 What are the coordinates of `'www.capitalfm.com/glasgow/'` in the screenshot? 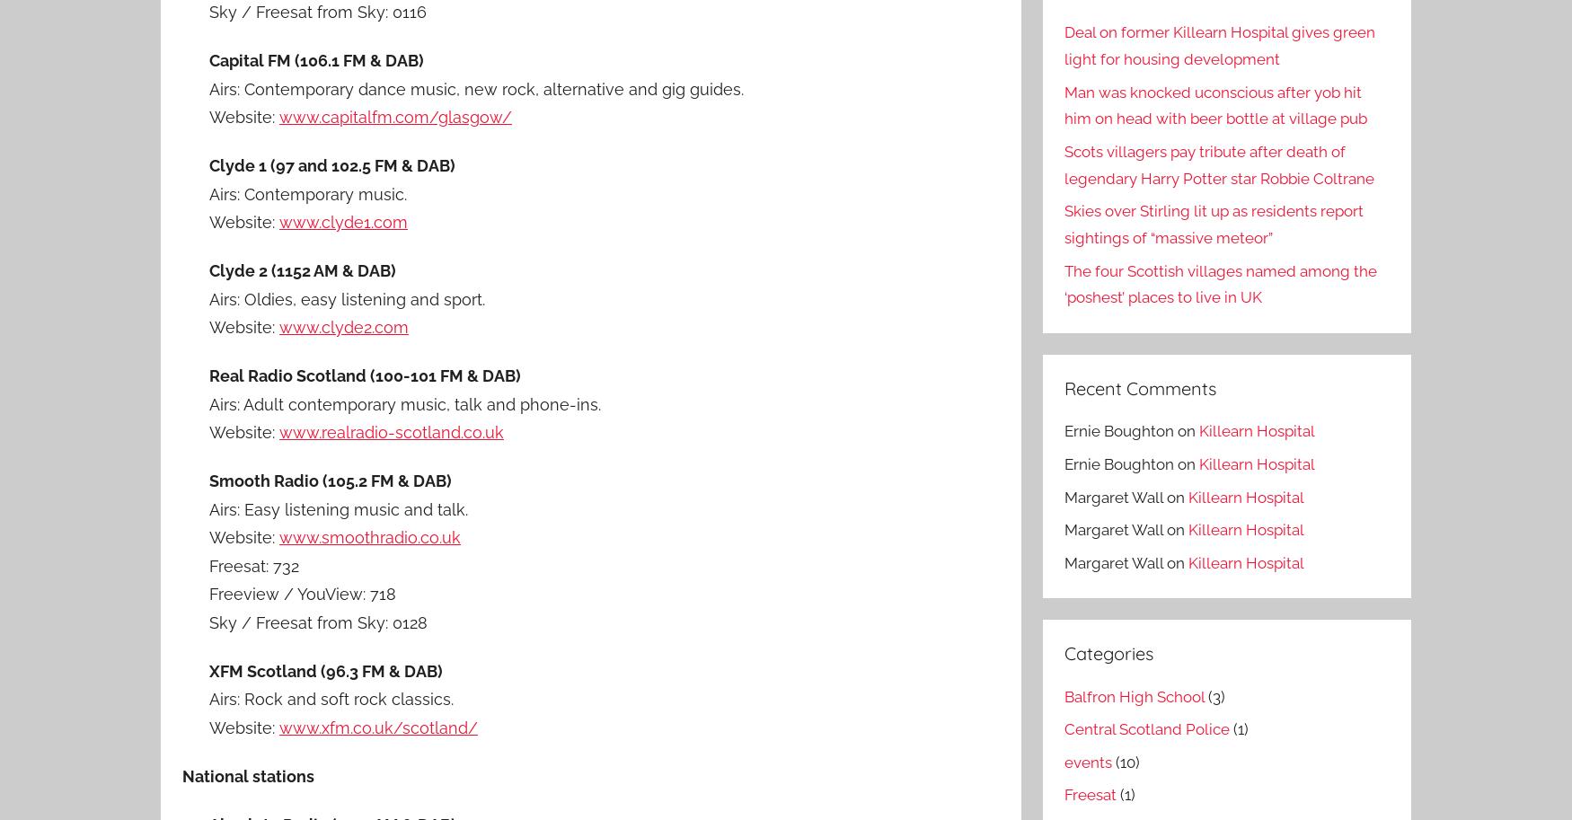 It's located at (278, 116).